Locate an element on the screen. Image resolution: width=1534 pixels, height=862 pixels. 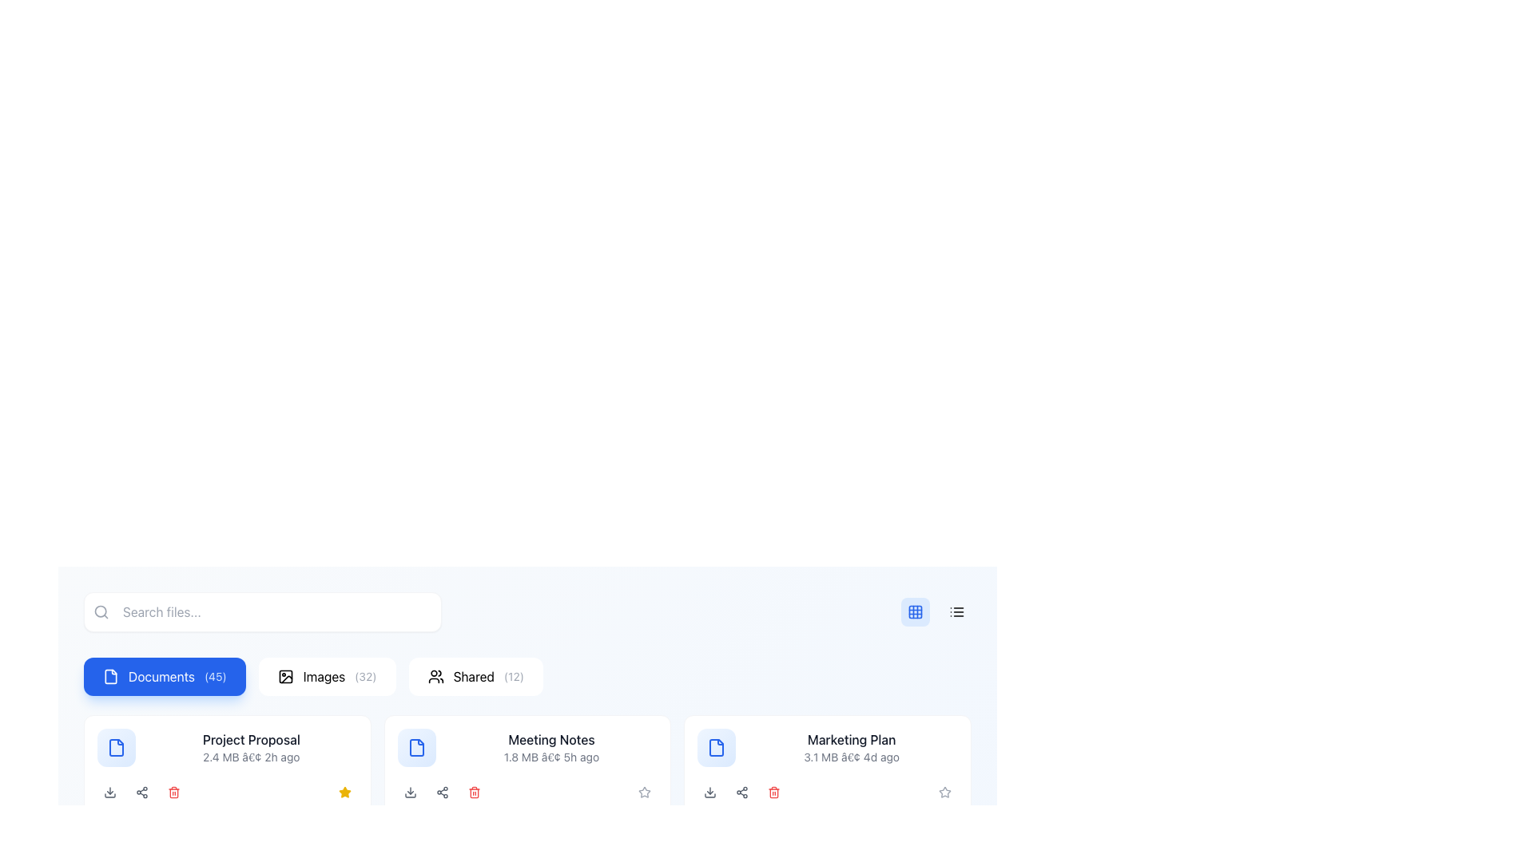
the 'Marketing Plan' document icon is located at coordinates (716, 748).